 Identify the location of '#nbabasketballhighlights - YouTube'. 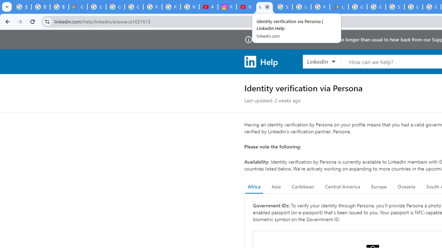
(208, 7).